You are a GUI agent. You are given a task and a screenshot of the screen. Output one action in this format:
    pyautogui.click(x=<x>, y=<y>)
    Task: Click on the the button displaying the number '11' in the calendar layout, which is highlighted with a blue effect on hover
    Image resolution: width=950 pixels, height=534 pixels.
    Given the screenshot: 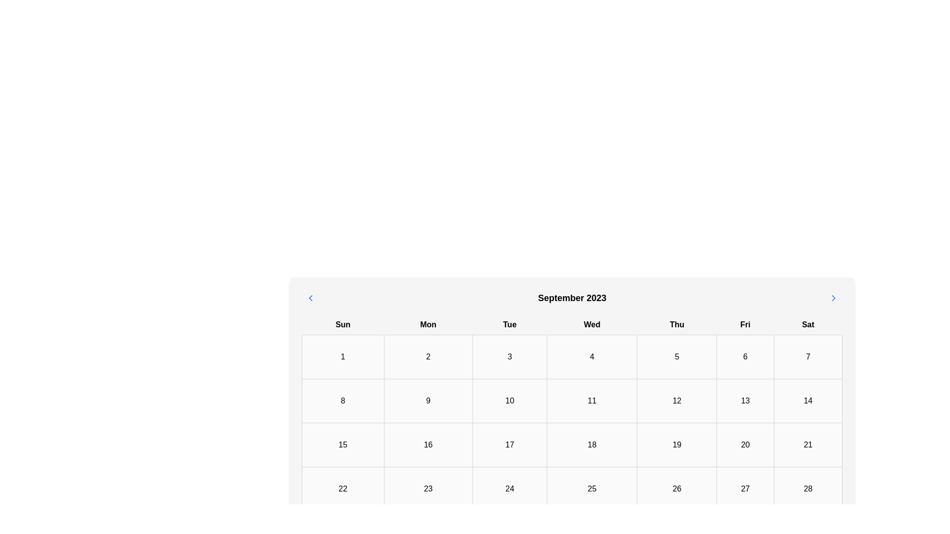 What is the action you would take?
    pyautogui.click(x=592, y=400)
    